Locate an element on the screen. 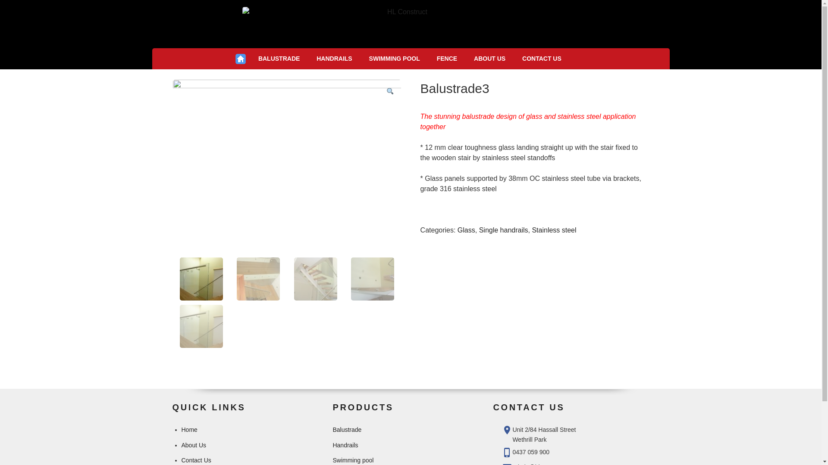  'About Us' is located at coordinates (193, 445).